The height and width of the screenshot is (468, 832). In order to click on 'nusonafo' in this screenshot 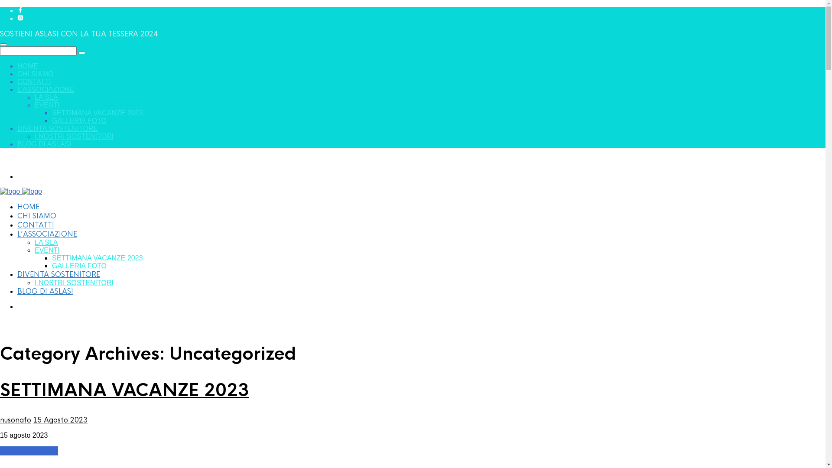, I will do `click(15, 419)`.